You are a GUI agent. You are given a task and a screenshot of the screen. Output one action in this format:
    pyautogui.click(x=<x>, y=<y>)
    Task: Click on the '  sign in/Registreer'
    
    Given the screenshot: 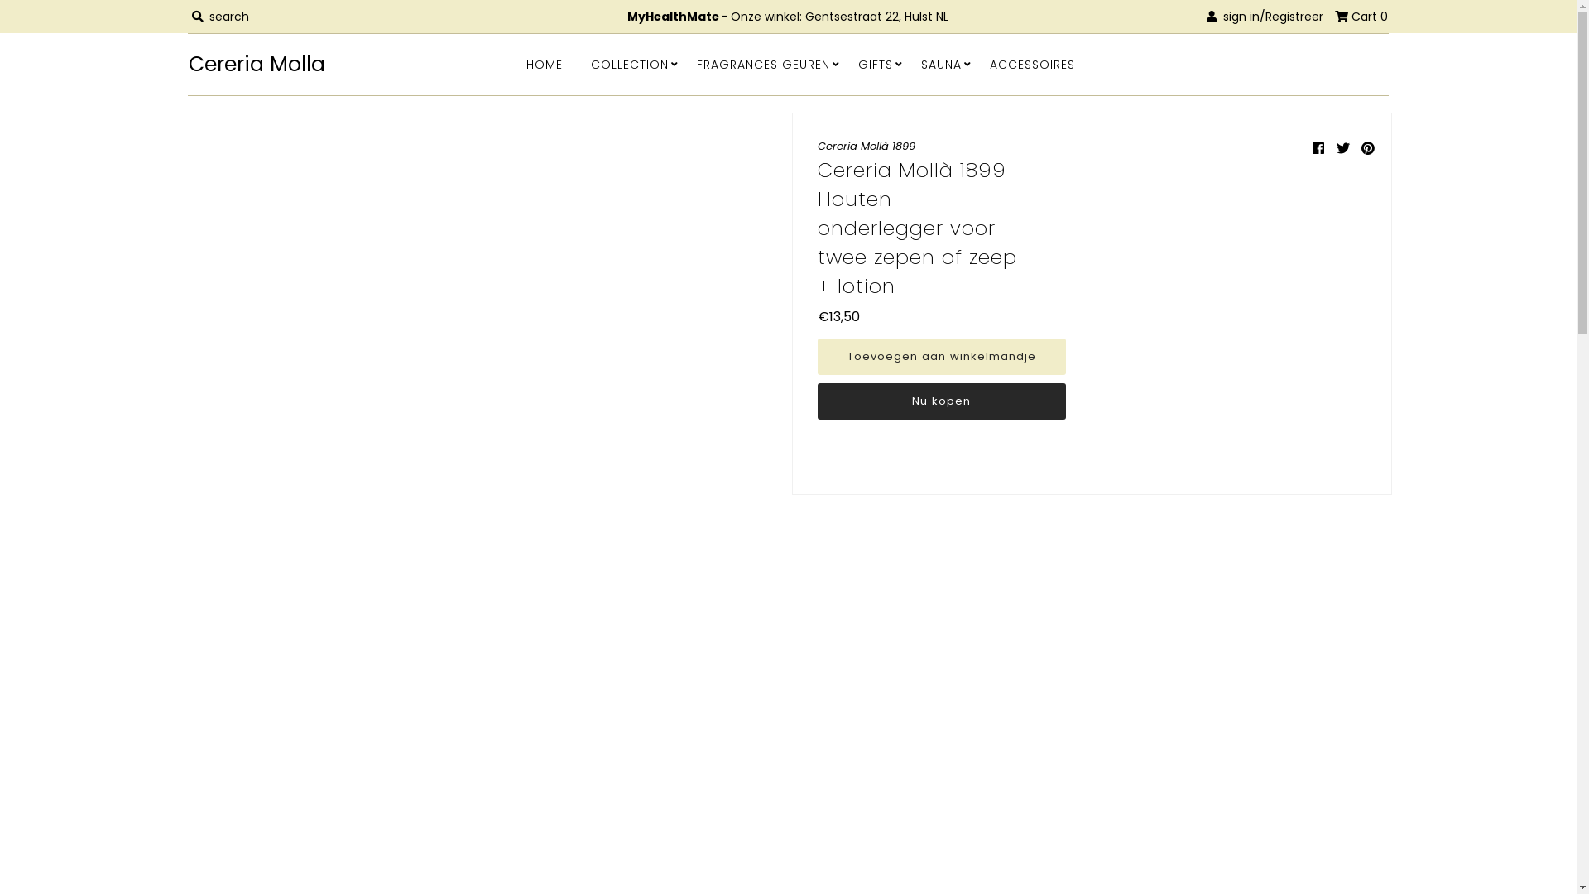 What is the action you would take?
    pyautogui.click(x=1207, y=16)
    